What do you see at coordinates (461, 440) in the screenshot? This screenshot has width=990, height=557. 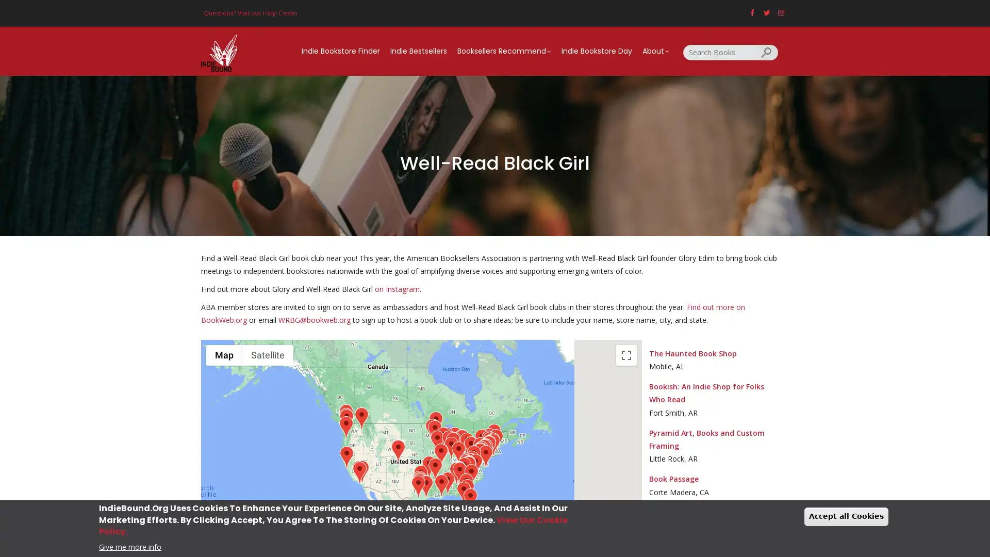 I see `Source Booksellers` at bounding box center [461, 440].